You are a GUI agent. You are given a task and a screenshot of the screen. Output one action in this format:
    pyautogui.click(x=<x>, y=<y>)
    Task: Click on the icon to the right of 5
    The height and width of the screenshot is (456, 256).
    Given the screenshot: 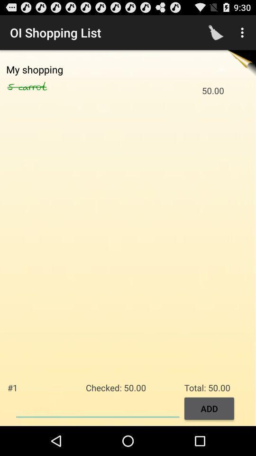 What is the action you would take?
    pyautogui.click(x=43, y=87)
    